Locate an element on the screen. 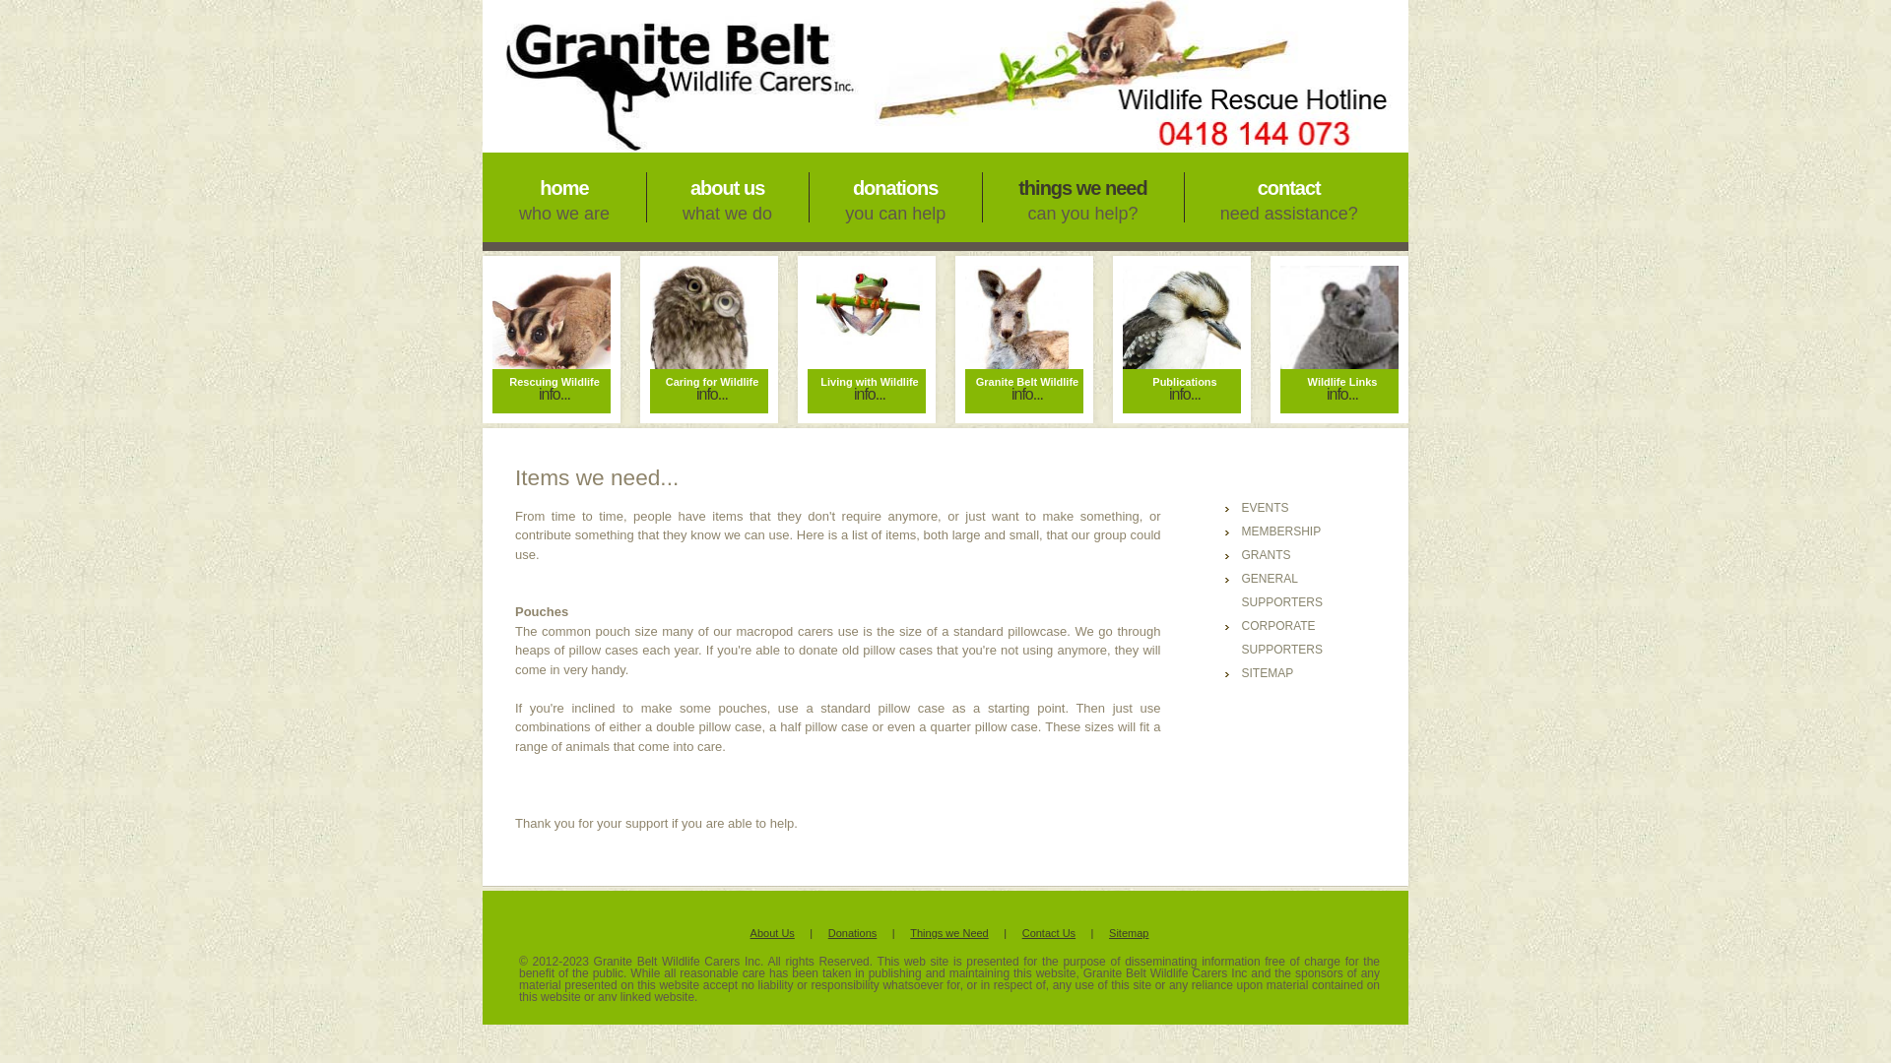 The width and height of the screenshot is (1891, 1063). 'EVENTS' is located at coordinates (1264, 507).